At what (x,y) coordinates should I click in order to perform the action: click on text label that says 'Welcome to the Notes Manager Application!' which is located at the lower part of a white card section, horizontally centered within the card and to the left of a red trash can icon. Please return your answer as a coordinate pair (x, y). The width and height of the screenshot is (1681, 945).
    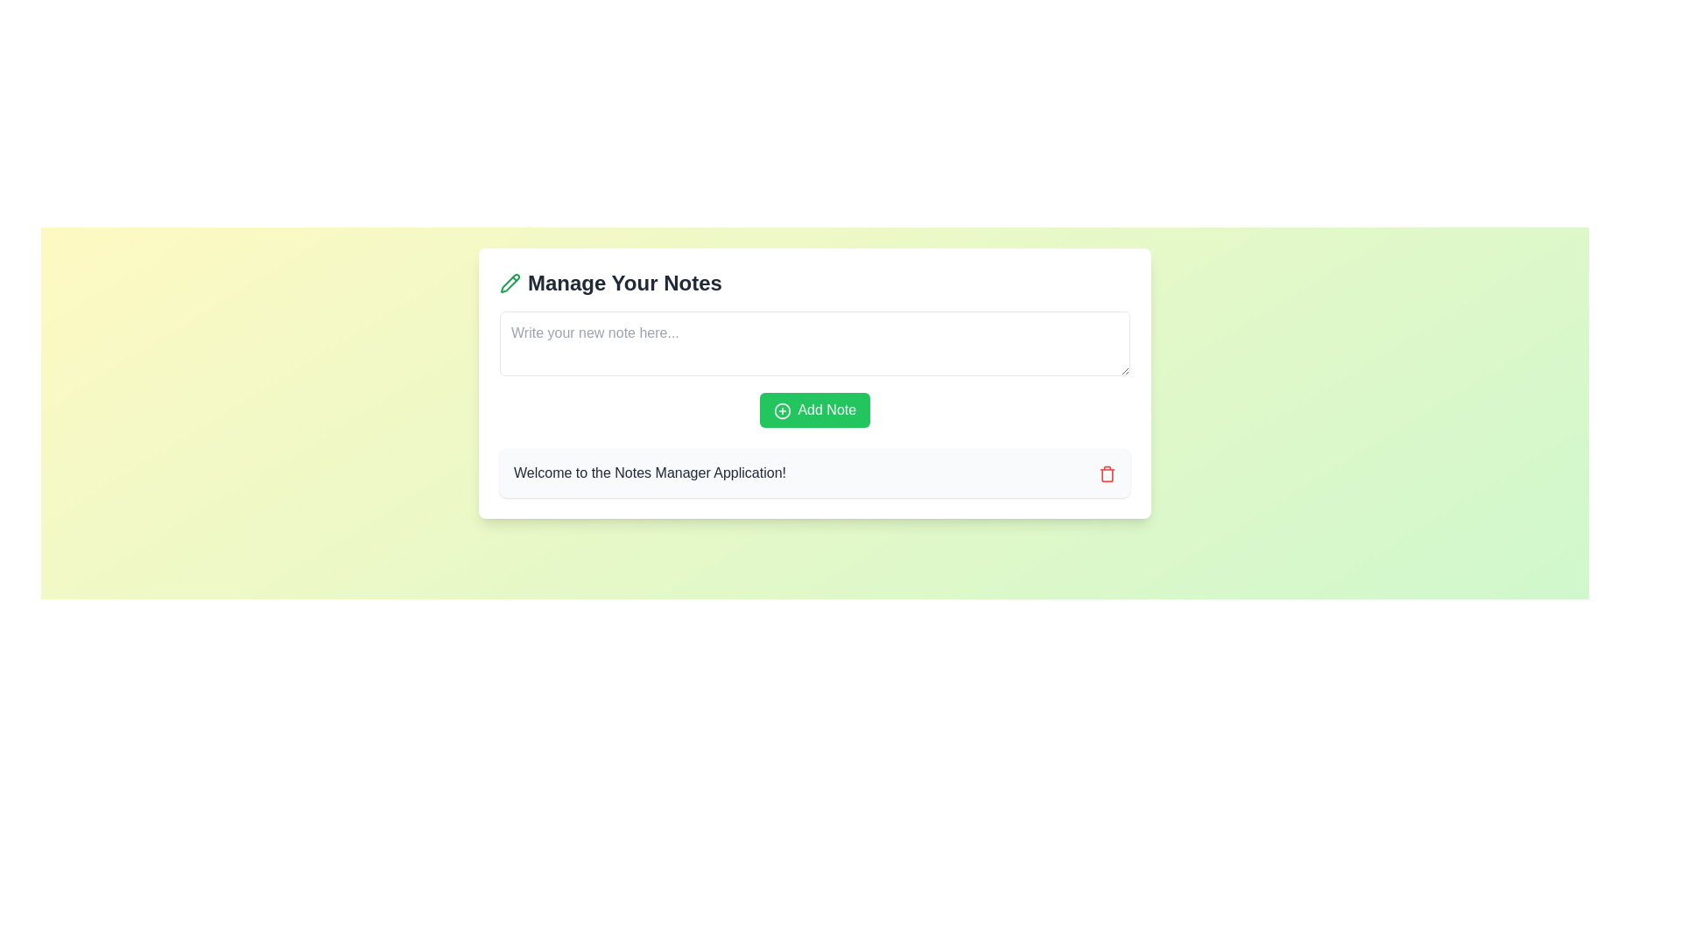
    Looking at the image, I should click on (649, 472).